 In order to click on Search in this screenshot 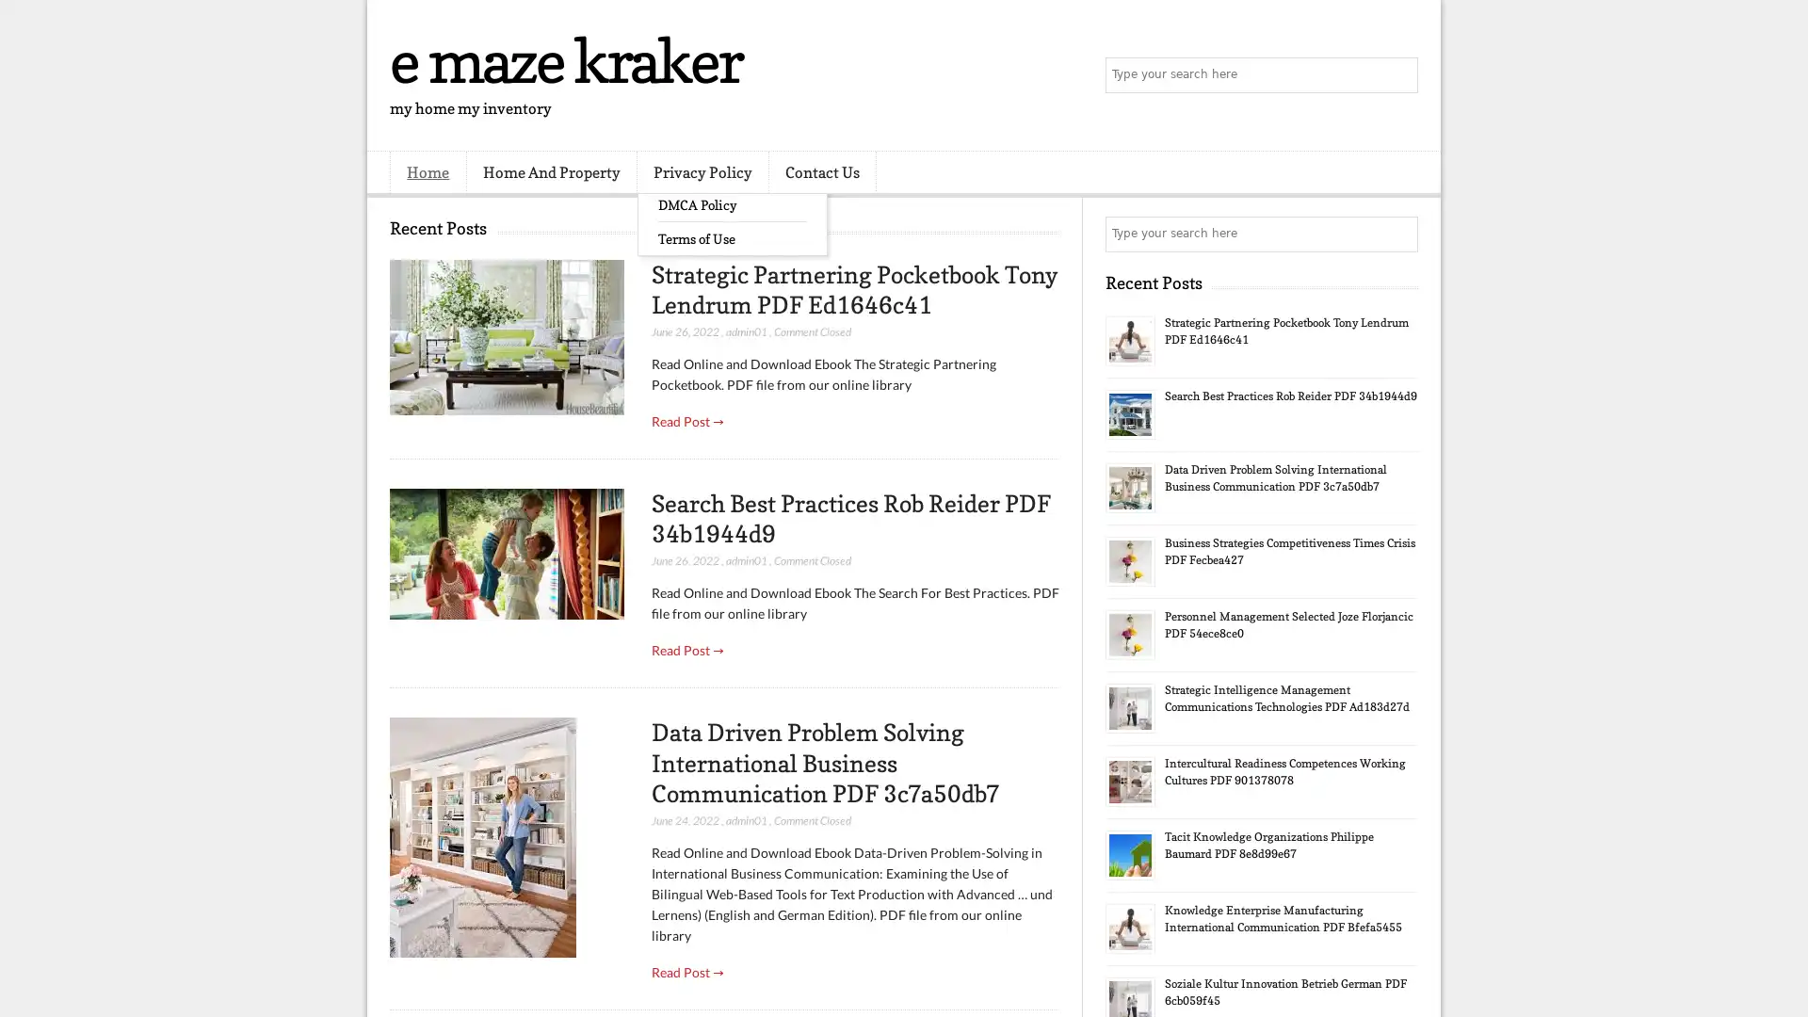, I will do `click(1398, 75)`.